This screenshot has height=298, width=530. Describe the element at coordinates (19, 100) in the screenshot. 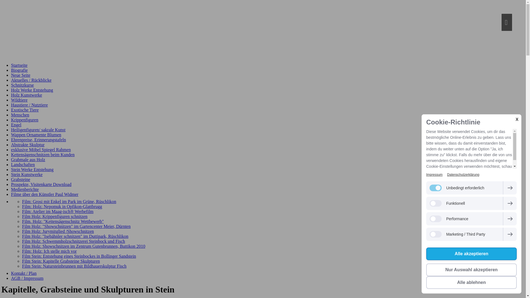

I see `'Wildtiere'` at that location.